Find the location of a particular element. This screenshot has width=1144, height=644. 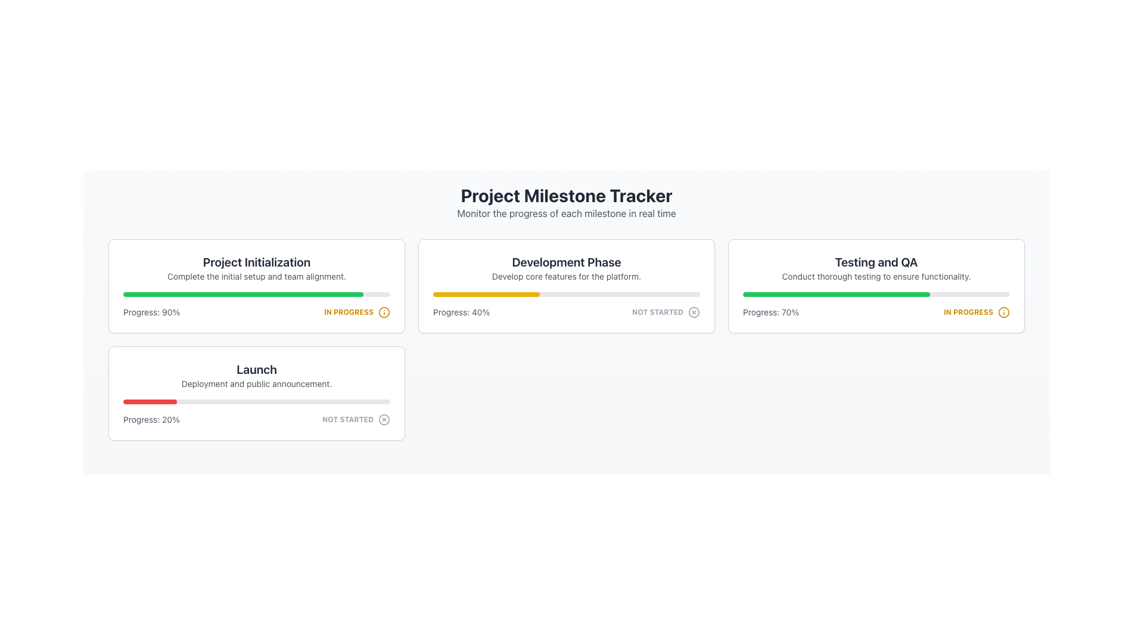

the 'IN PROGRESS' label element, which is styled in bold yellow uppercase letters and located within the 'Testing and QA' task progress box, positioned slightly above the center and to the left of the info icon is located at coordinates (348, 312).